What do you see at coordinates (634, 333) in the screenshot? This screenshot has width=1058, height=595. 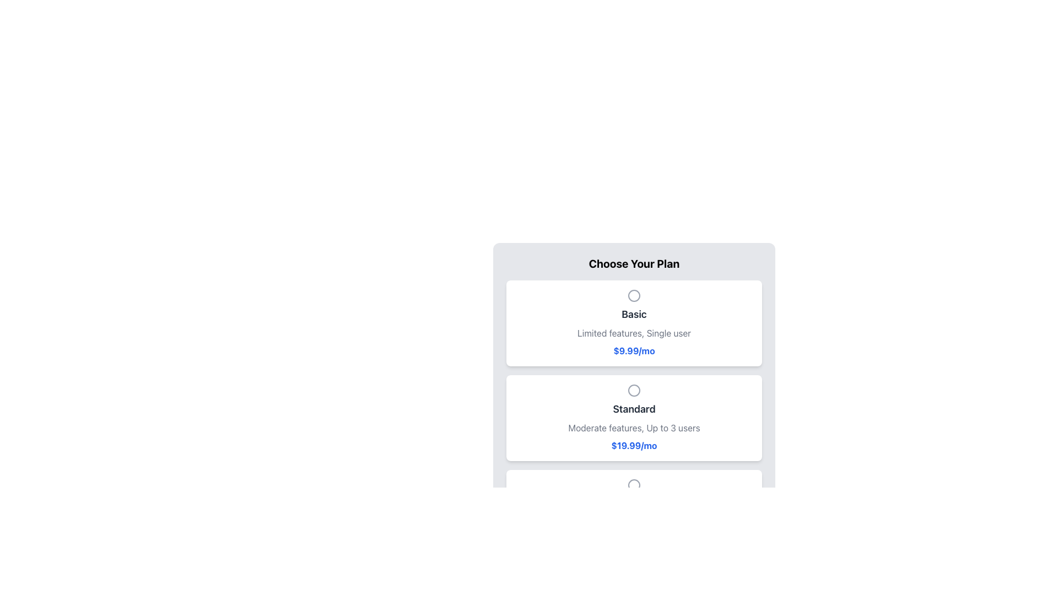 I see `the text label that reads 'Limited features, Single user', which is styled with a muted gray color and is centered in the card for the 'Basic' plan option` at bounding box center [634, 333].